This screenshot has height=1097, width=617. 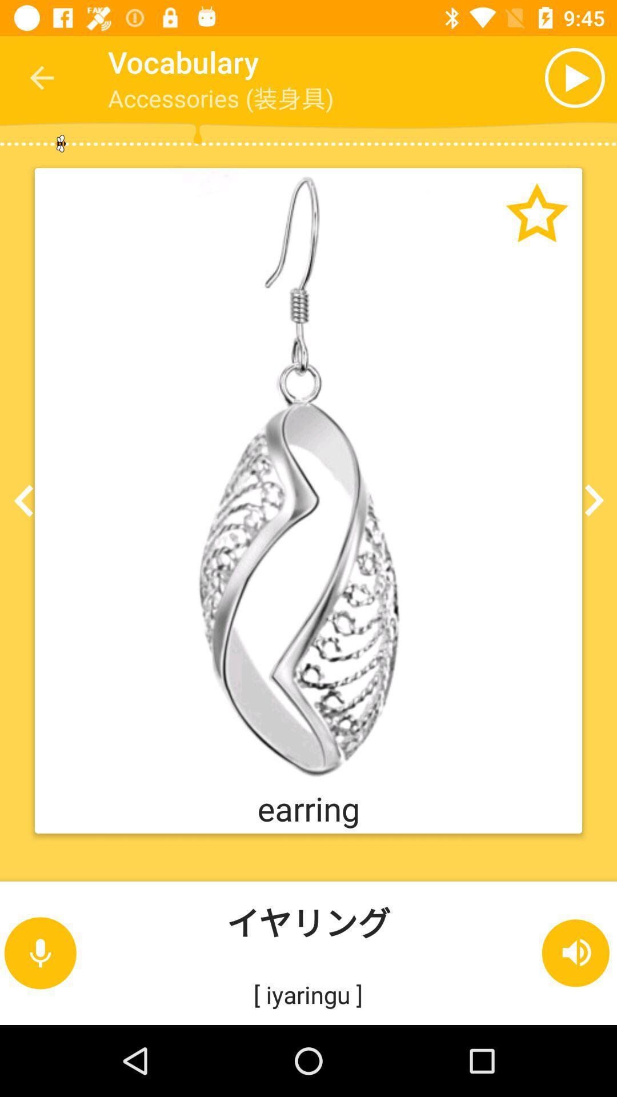 I want to click on the microphone icon, so click(x=39, y=953).